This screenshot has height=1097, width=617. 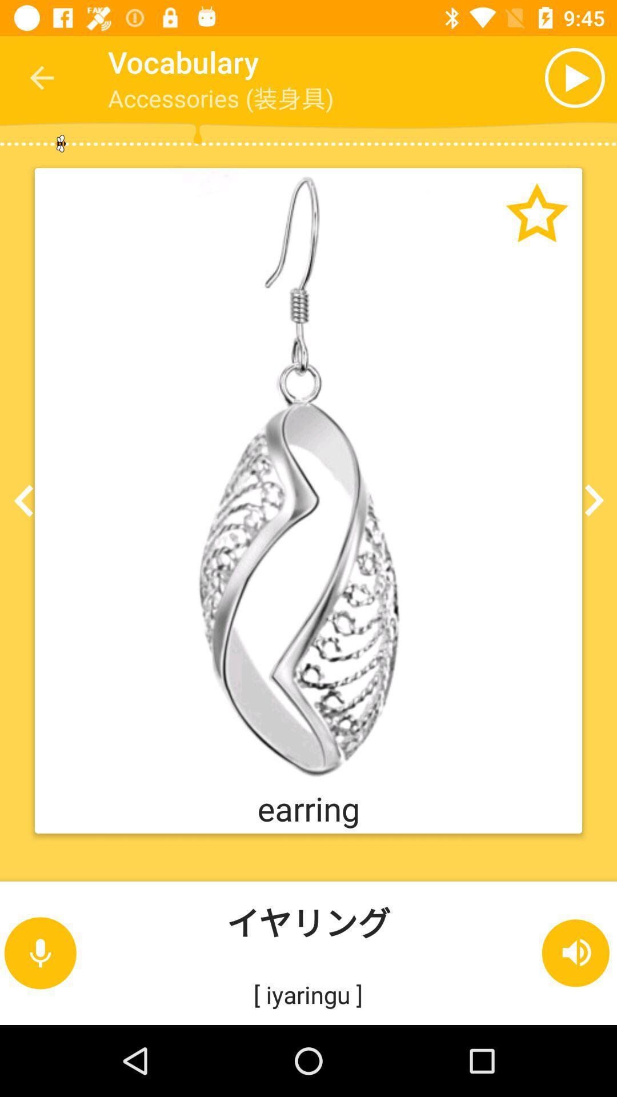 I want to click on the microphone icon, so click(x=39, y=953).